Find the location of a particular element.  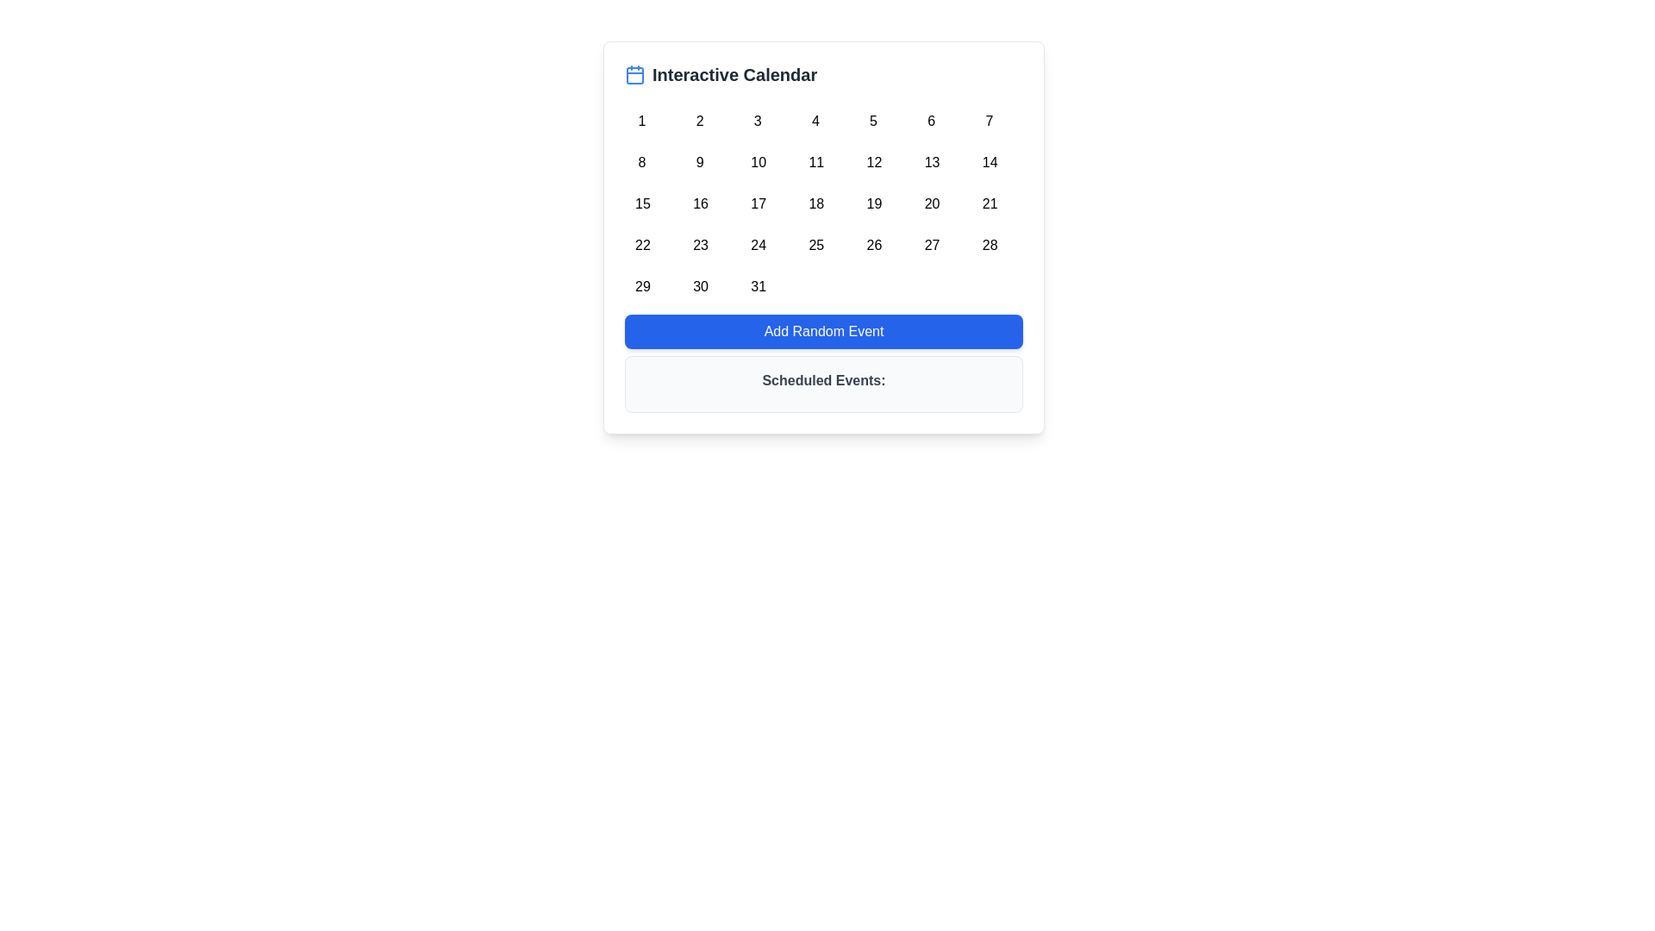

the button representing the third day in the calendar, located in the first row and third column of the grid is located at coordinates (758, 117).